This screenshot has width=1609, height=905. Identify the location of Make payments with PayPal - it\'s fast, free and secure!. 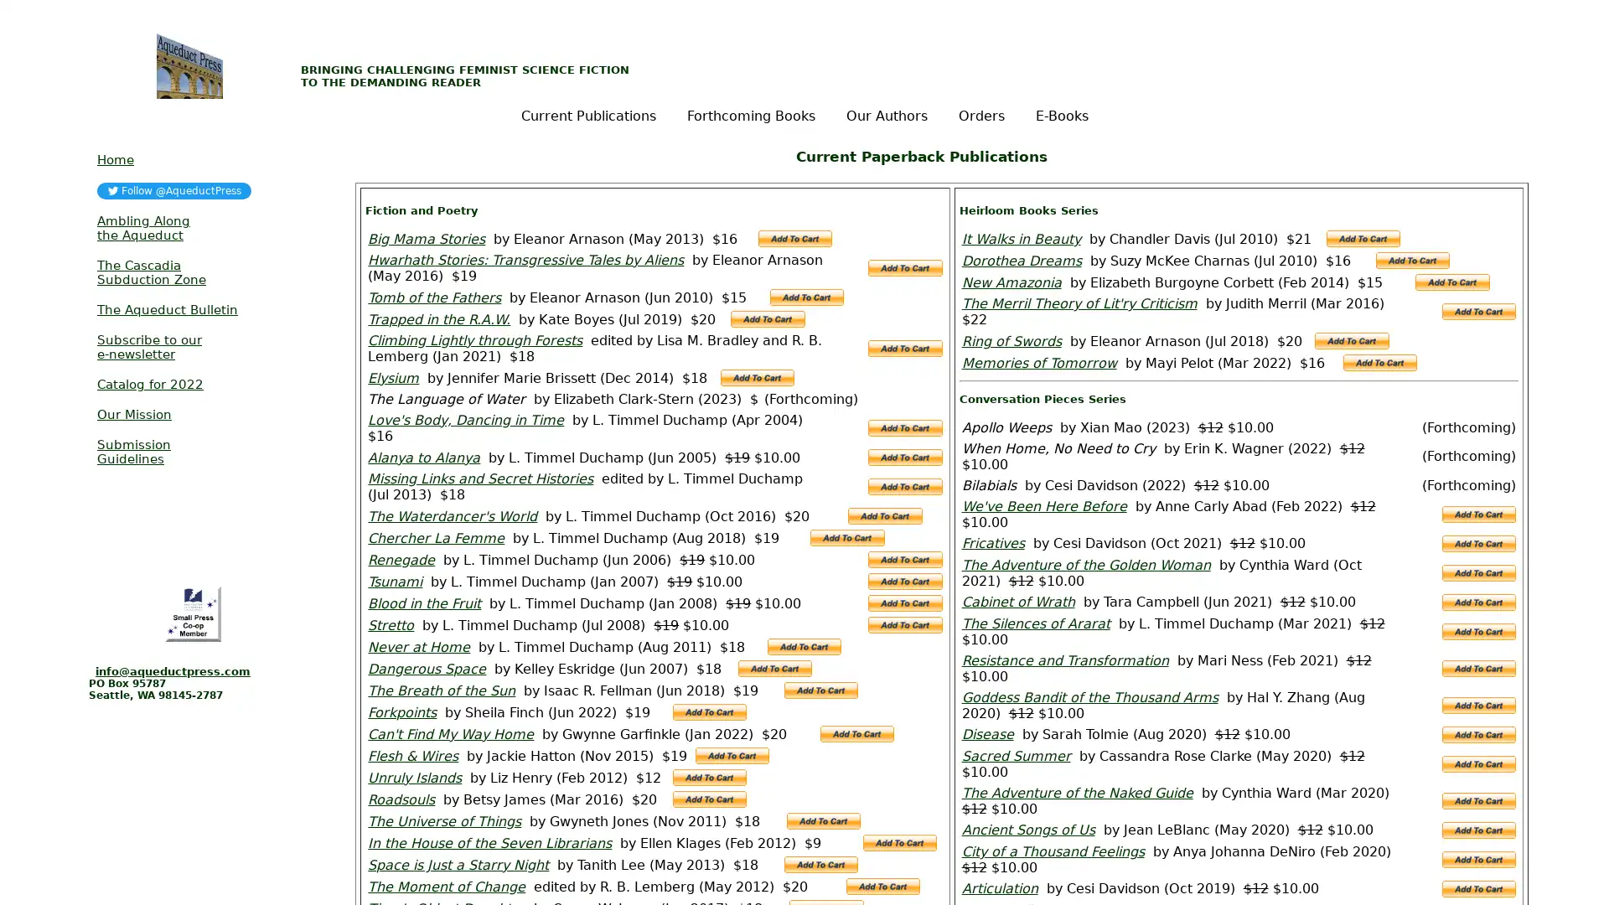
(804, 645).